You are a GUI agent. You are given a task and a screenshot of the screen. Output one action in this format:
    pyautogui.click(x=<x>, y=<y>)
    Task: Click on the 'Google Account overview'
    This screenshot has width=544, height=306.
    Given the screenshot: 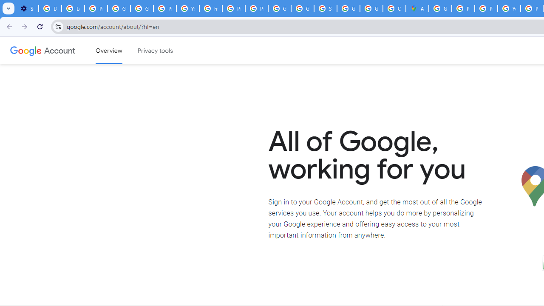 What is the action you would take?
    pyautogui.click(x=108, y=51)
    